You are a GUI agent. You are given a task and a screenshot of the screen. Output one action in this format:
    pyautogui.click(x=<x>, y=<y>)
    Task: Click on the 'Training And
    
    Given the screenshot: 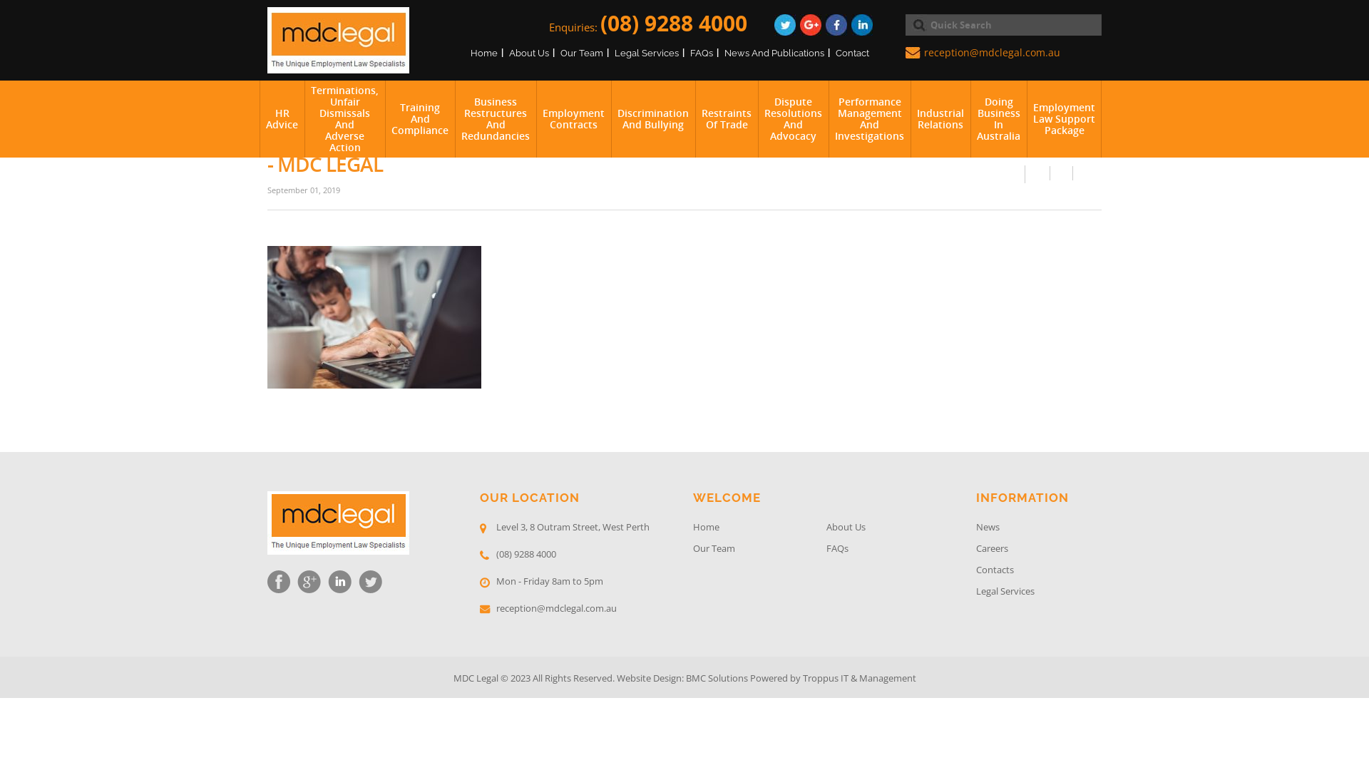 What is the action you would take?
    pyautogui.click(x=419, y=118)
    